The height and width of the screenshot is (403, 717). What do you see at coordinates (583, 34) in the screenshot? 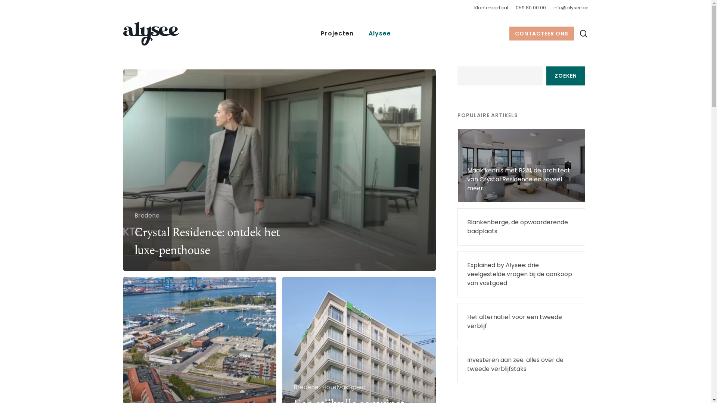
I see `'search'` at bounding box center [583, 34].